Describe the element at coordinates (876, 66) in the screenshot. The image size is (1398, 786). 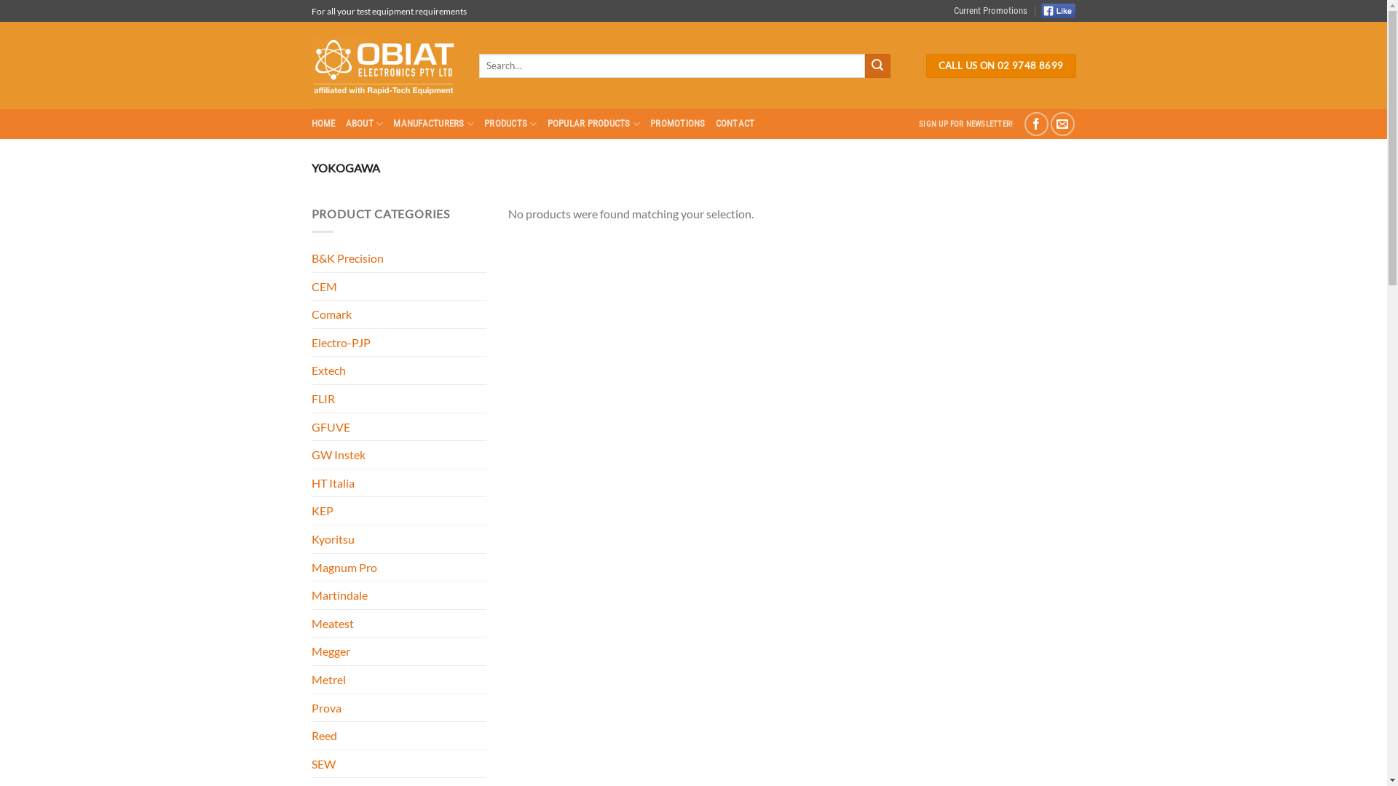
I see `'Search'` at that location.